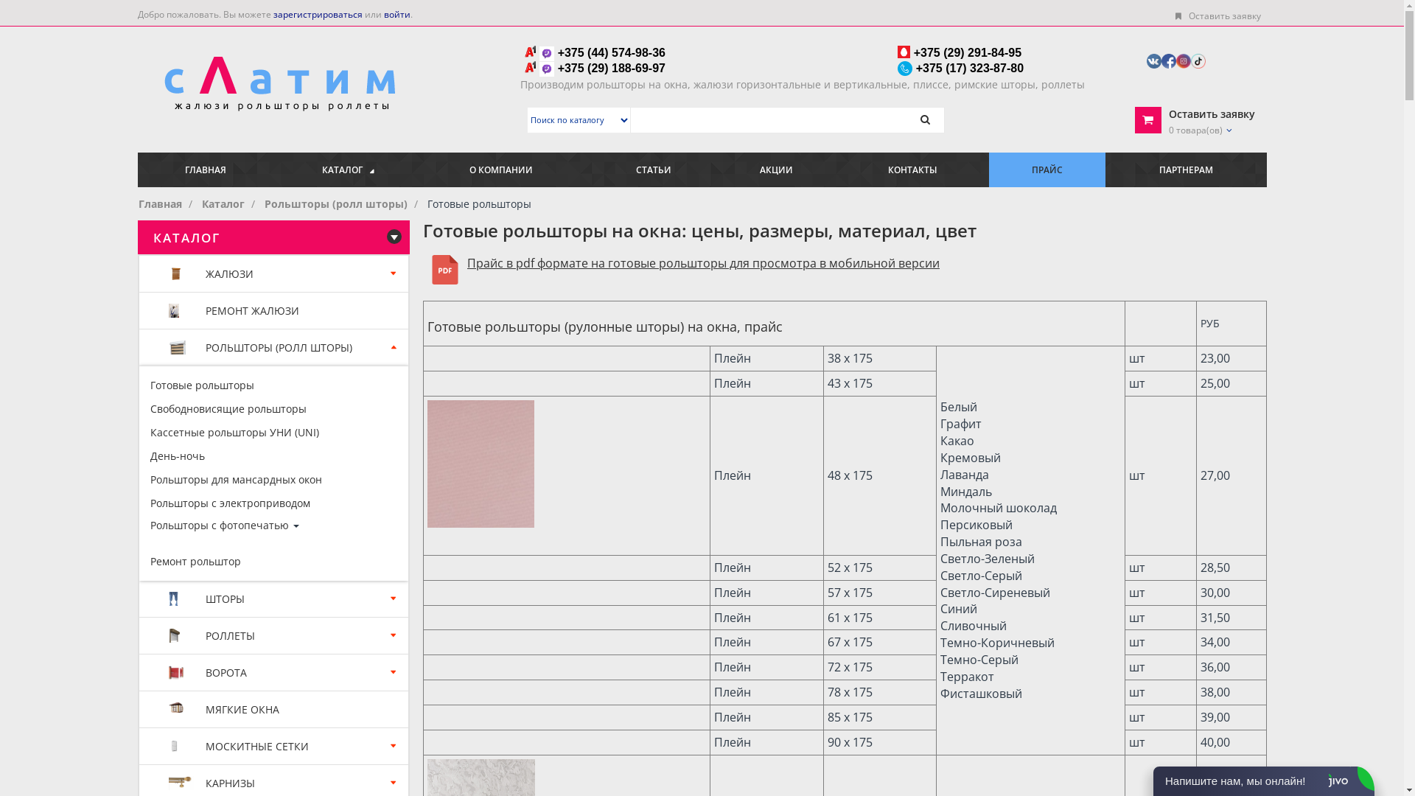 Image resolution: width=1415 pixels, height=796 pixels. What do you see at coordinates (1153, 59) in the screenshot?
I see `'Slatim vk'` at bounding box center [1153, 59].